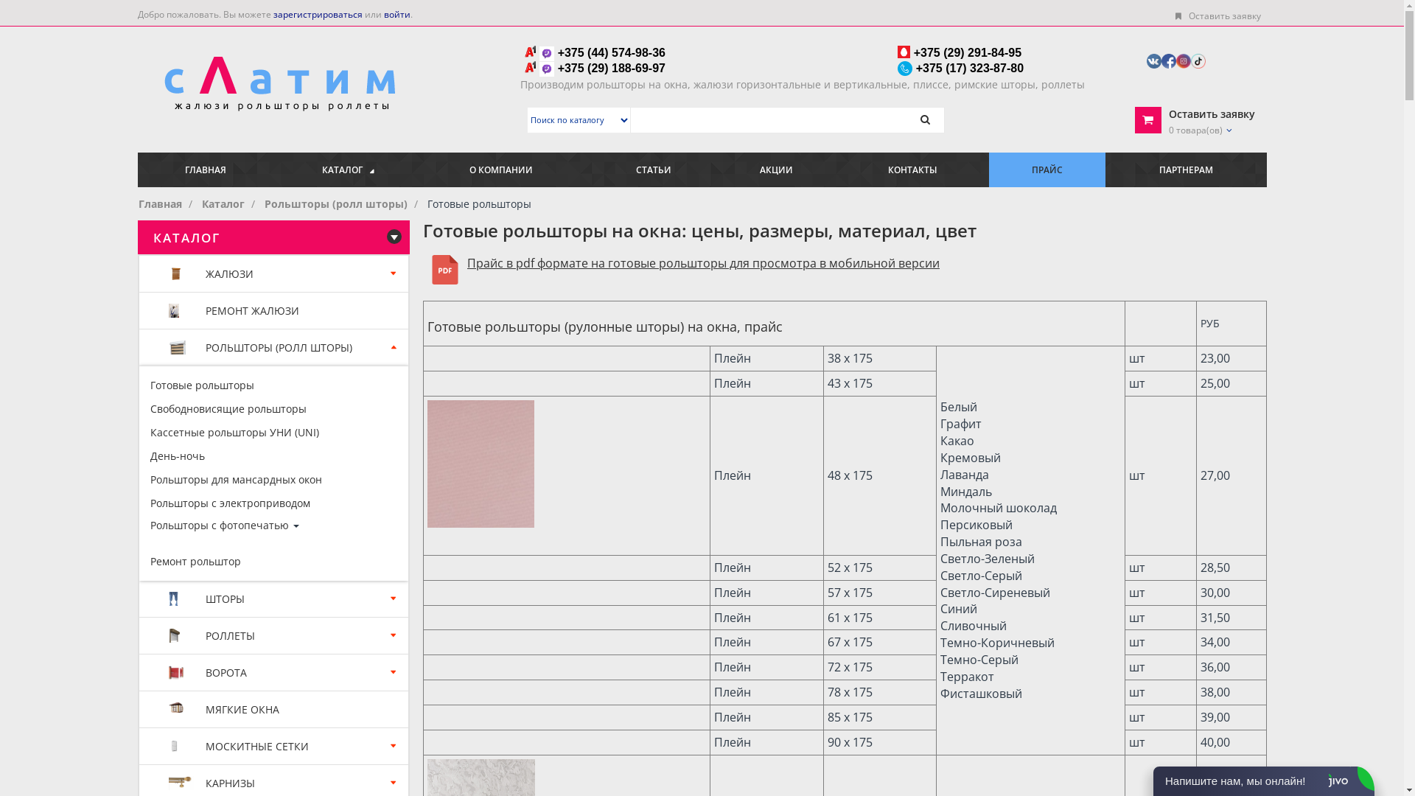 Image resolution: width=1415 pixels, height=796 pixels. What do you see at coordinates (1153, 59) in the screenshot?
I see `'Slatim vk'` at bounding box center [1153, 59].